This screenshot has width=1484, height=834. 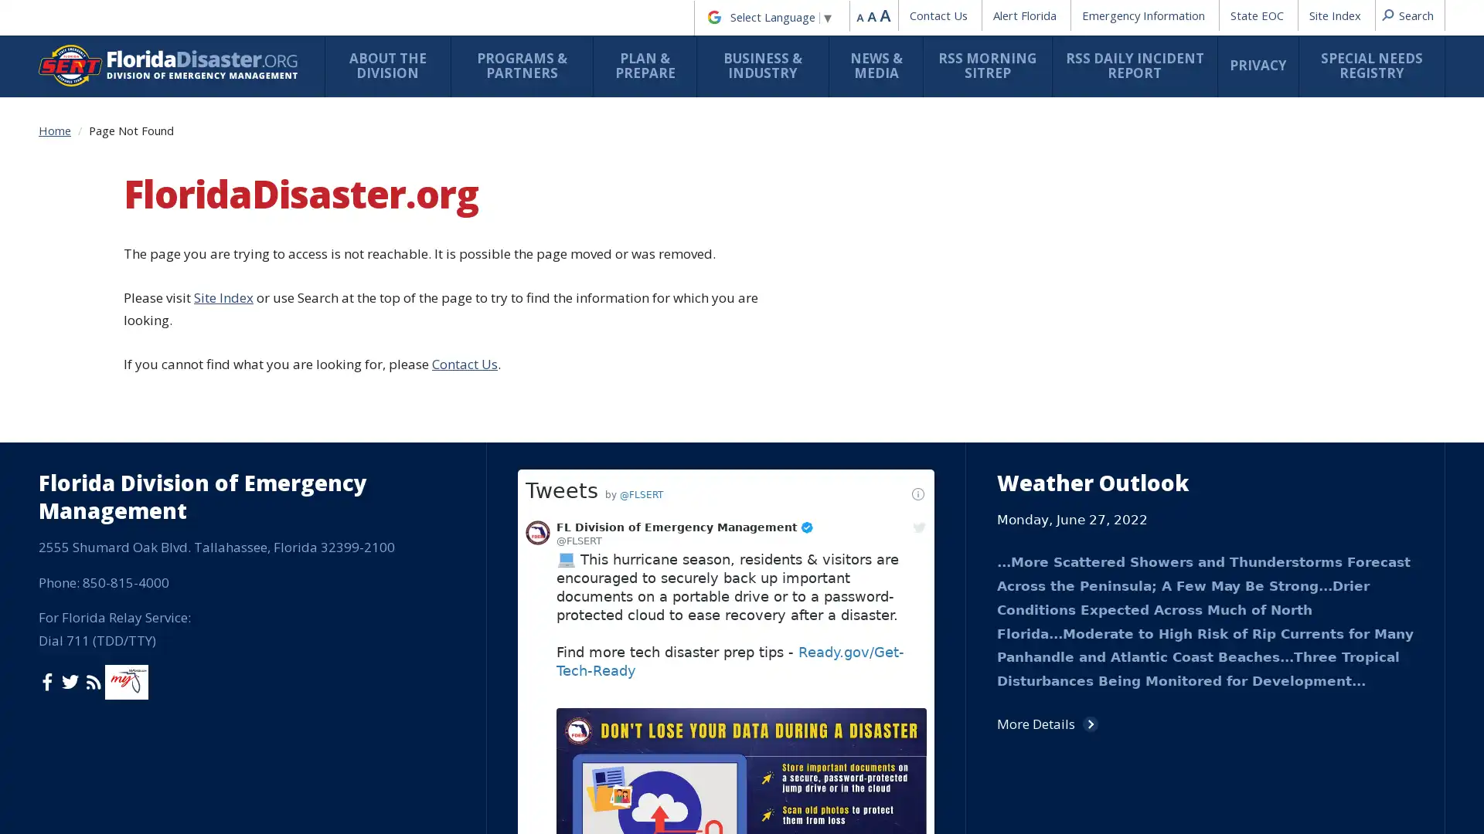 What do you see at coordinates (774, 791) in the screenshot?
I see `Toggle More` at bounding box center [774, 791].